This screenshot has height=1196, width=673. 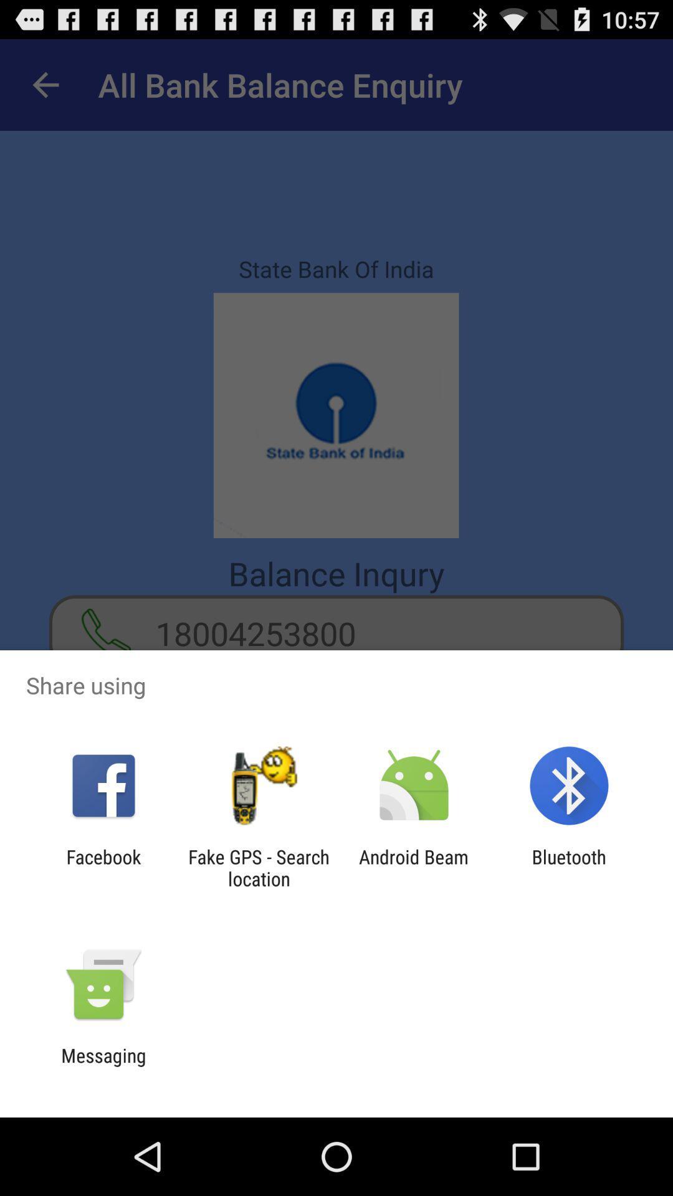 I want to click on fake gps search icon, so click(x=258, y=867).